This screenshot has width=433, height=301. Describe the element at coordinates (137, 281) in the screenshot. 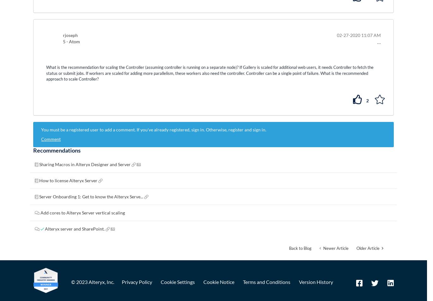

I see `'Privacy Policy'` at that location.